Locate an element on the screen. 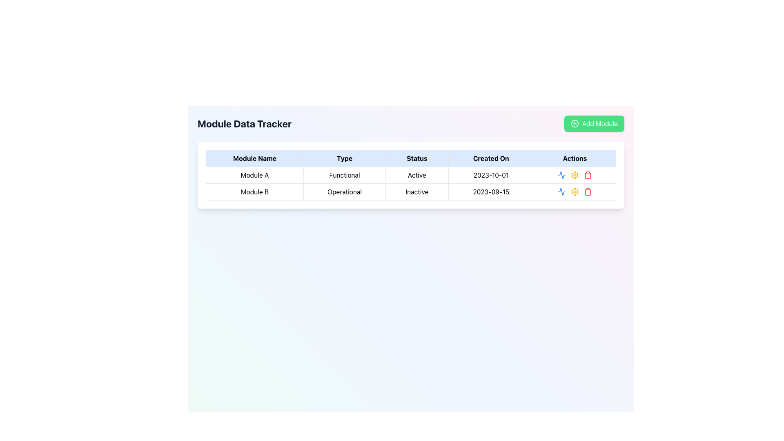 The height and width of the screenshot is (441, 784). the circular icon with a plus sign inside the 'Add Module' button located in the top-right corner of the interface is located at coordinates (574, 124).